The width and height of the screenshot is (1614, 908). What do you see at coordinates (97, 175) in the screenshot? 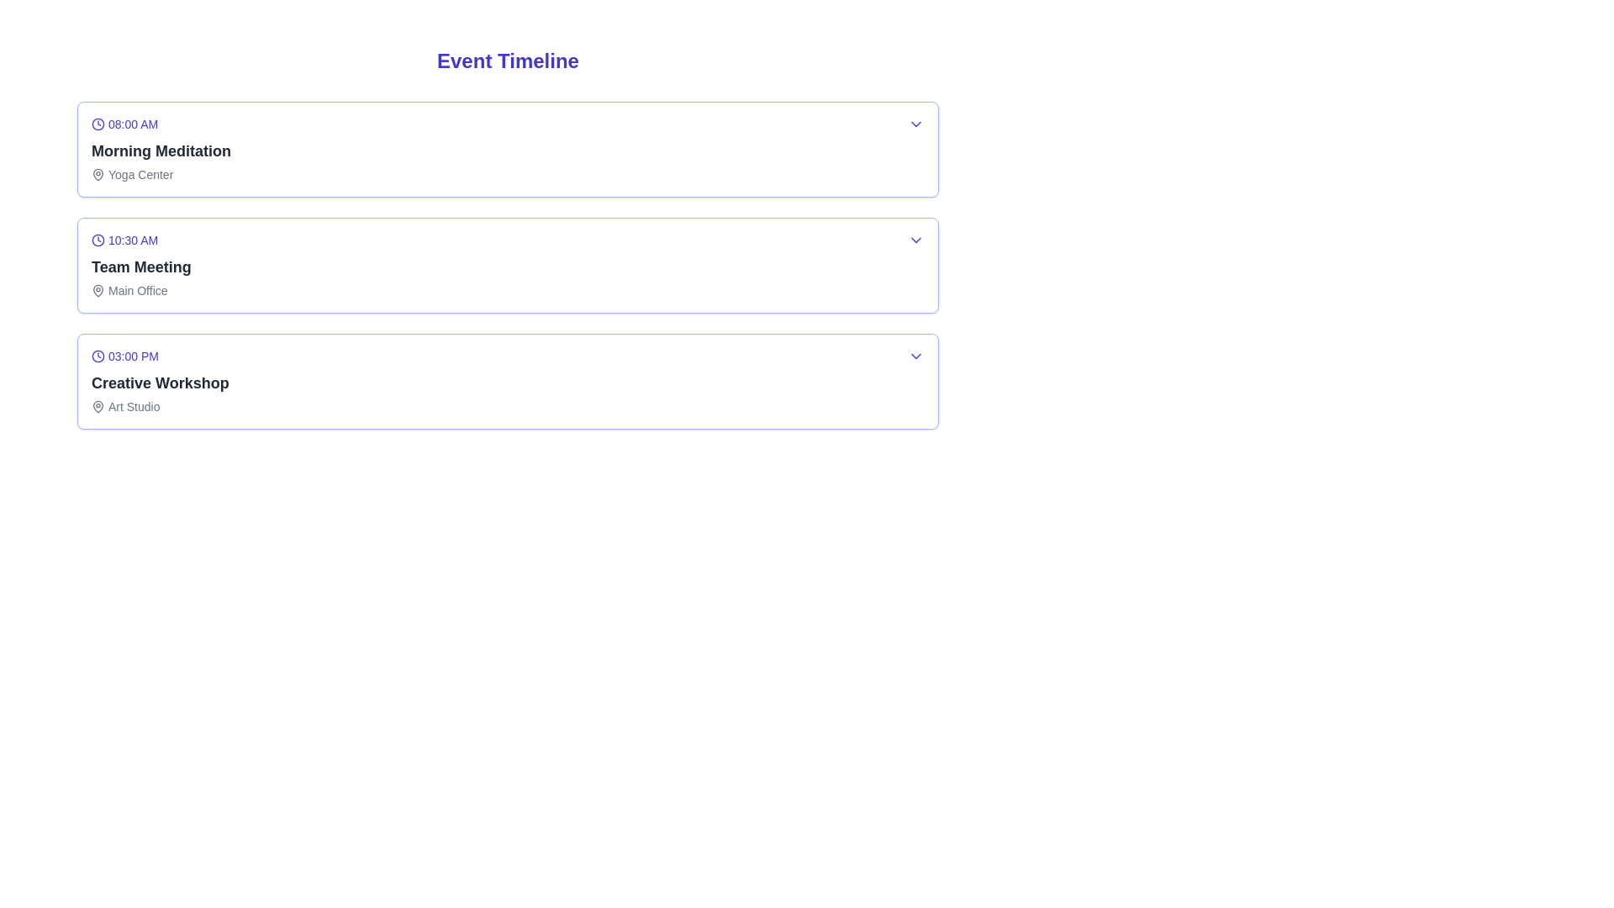
I see `the map pin icon that indicates the physical location associated with 'Yoga Center', located immediately to the left of the 'Yoga Center' text under the 'Morning Meditation' heading in the first event card` at bounding box center [97, 175].